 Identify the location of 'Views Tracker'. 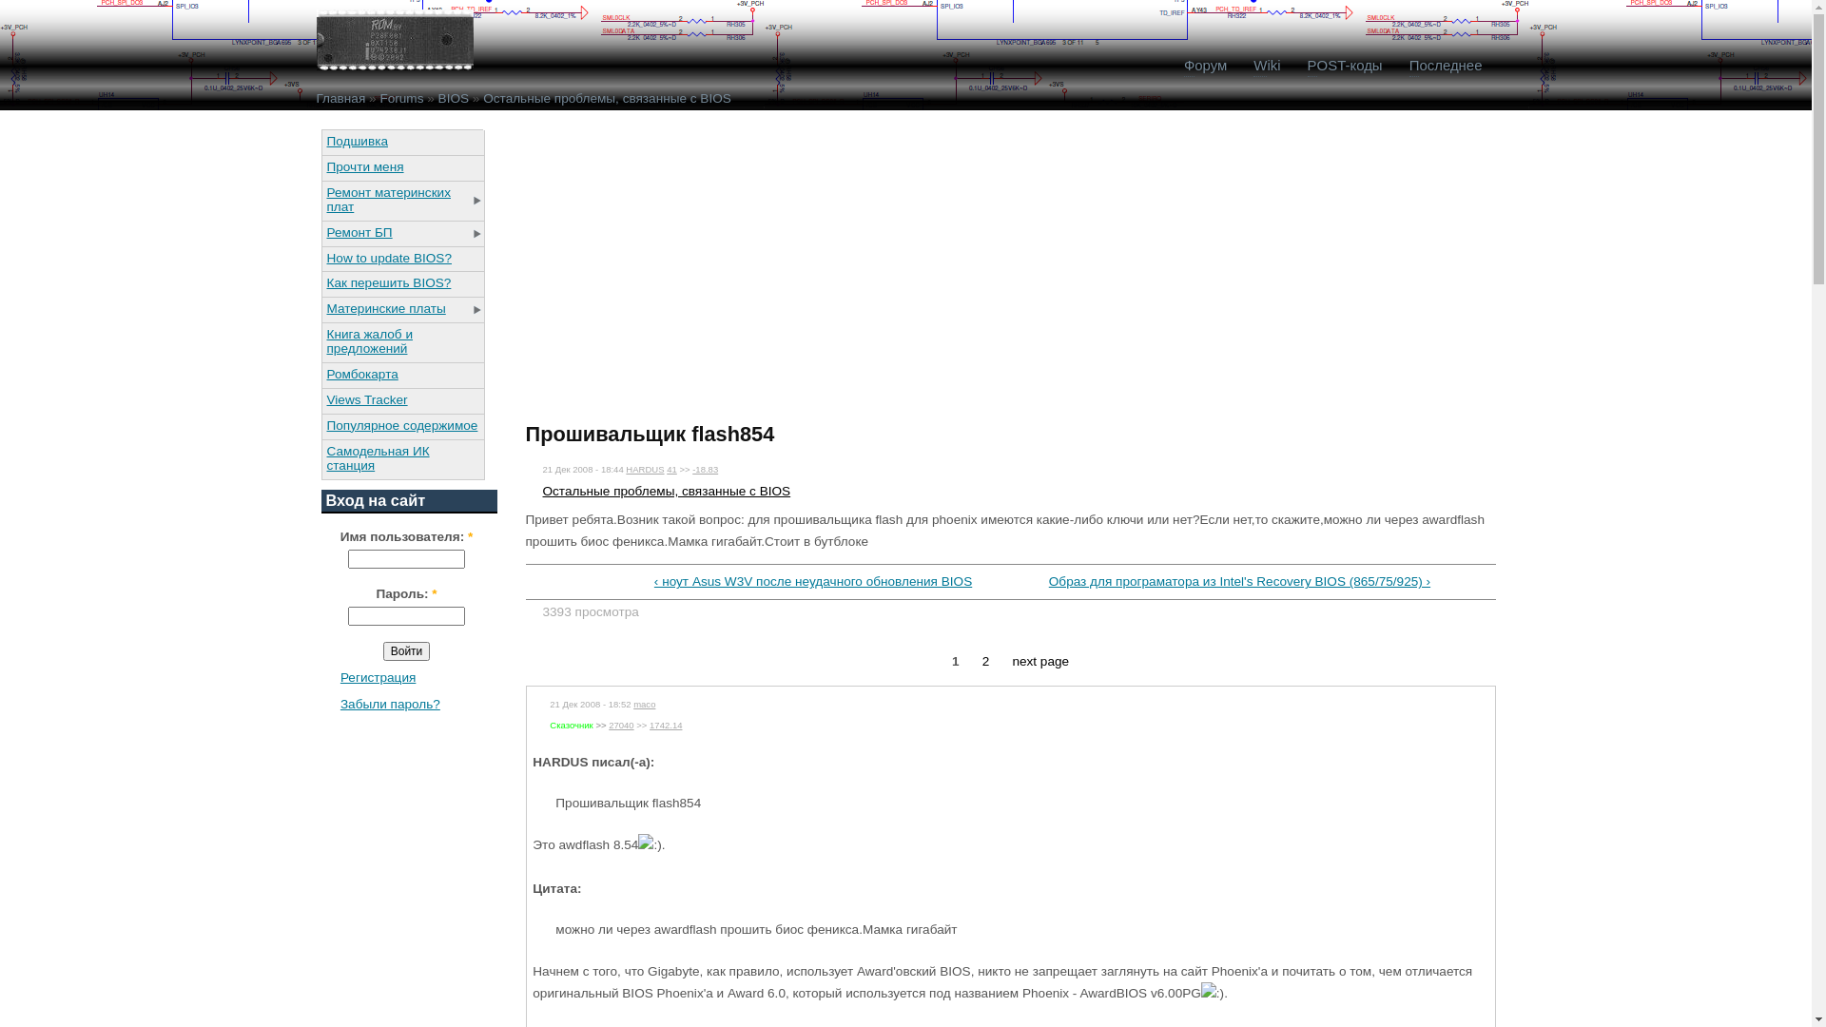
(400, 398).